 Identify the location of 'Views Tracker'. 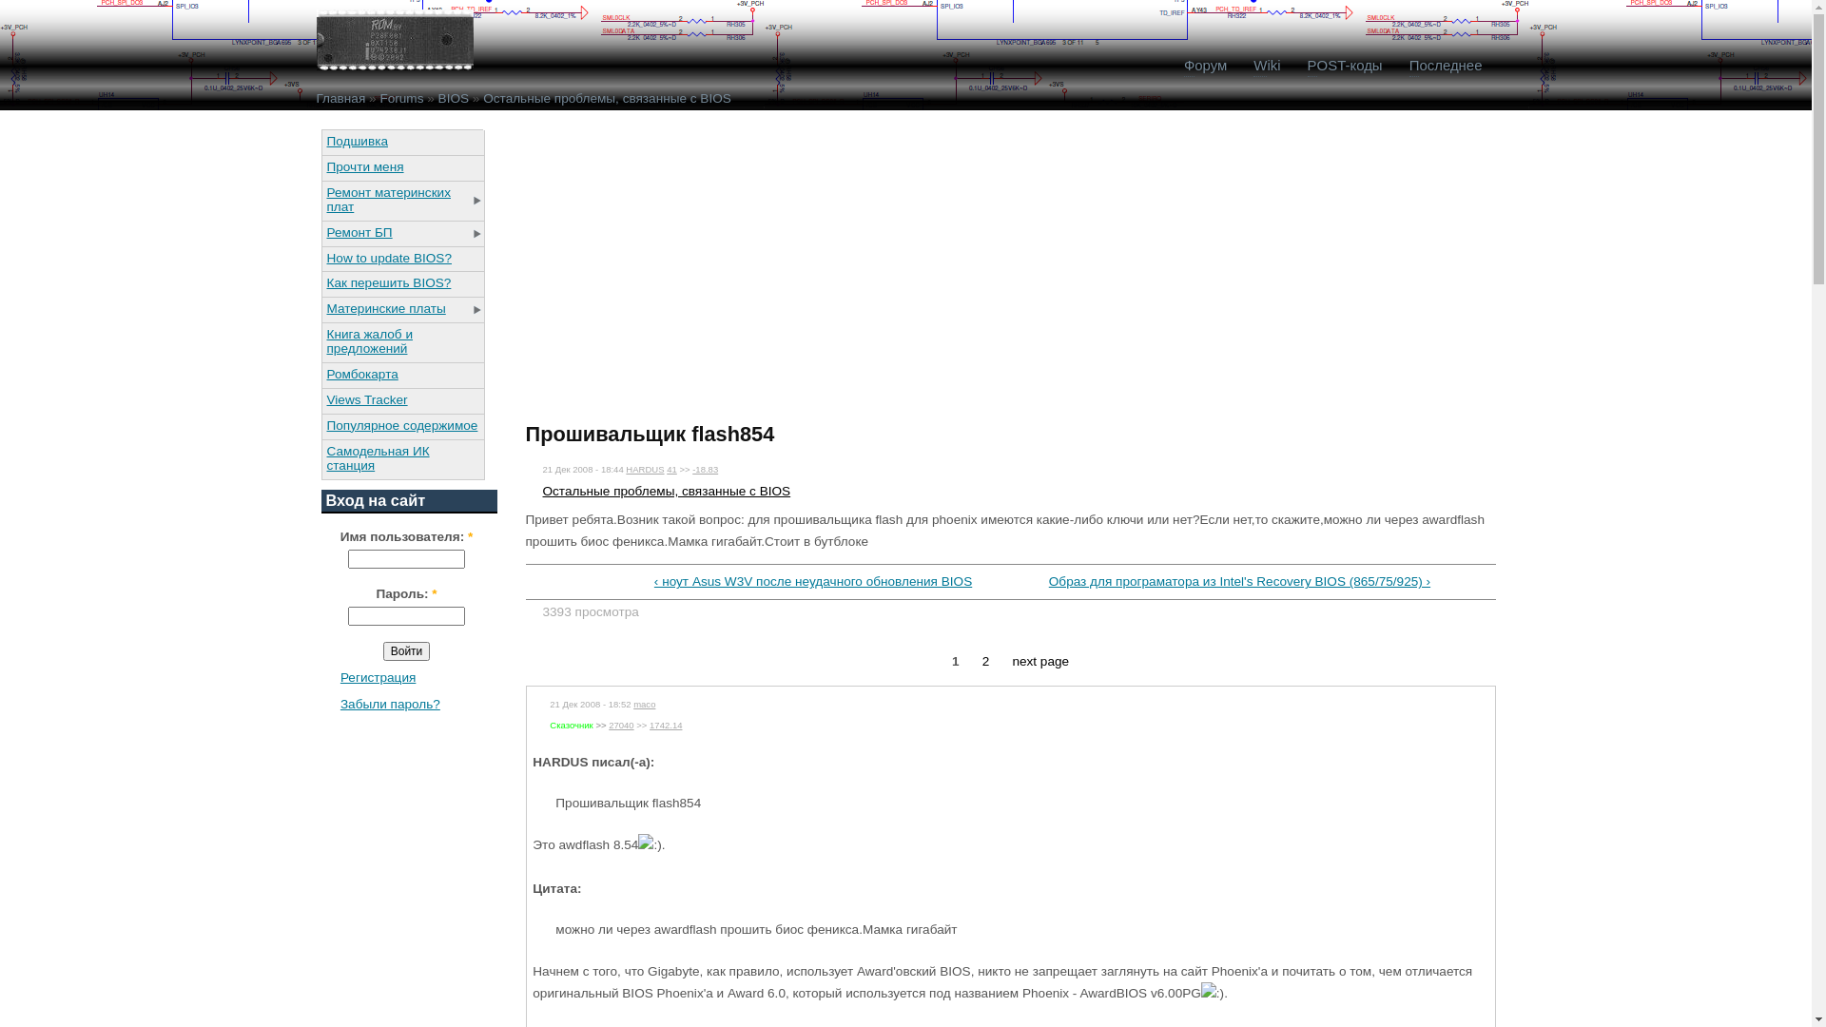
(400, 398).